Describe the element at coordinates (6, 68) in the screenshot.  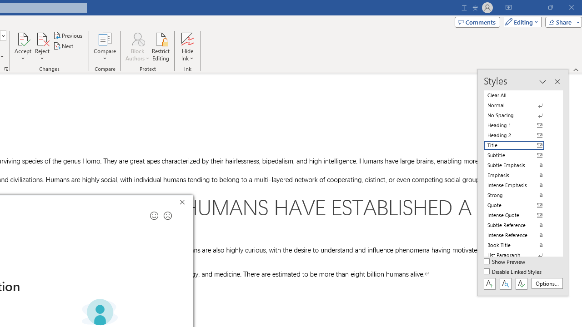
I see `'Change Tracking Options...'` at that location.